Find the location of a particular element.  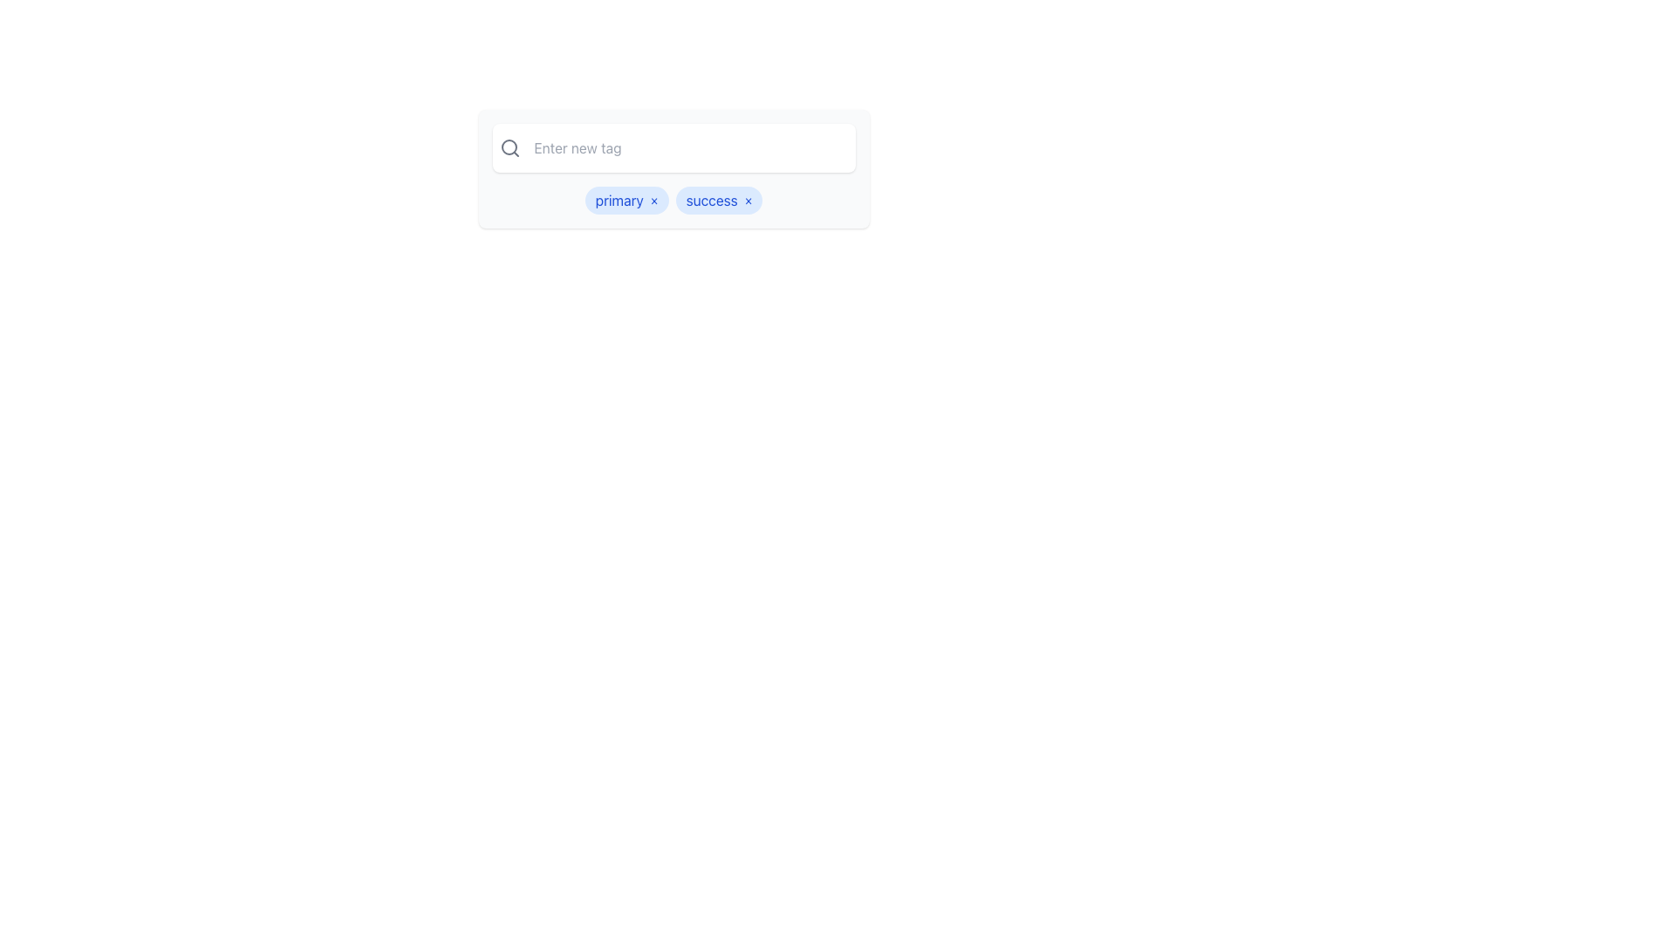

the interactive tag with a dismiss button located immediately to the right of the 'primary ×' pill component is located at coordinates (719, 200).